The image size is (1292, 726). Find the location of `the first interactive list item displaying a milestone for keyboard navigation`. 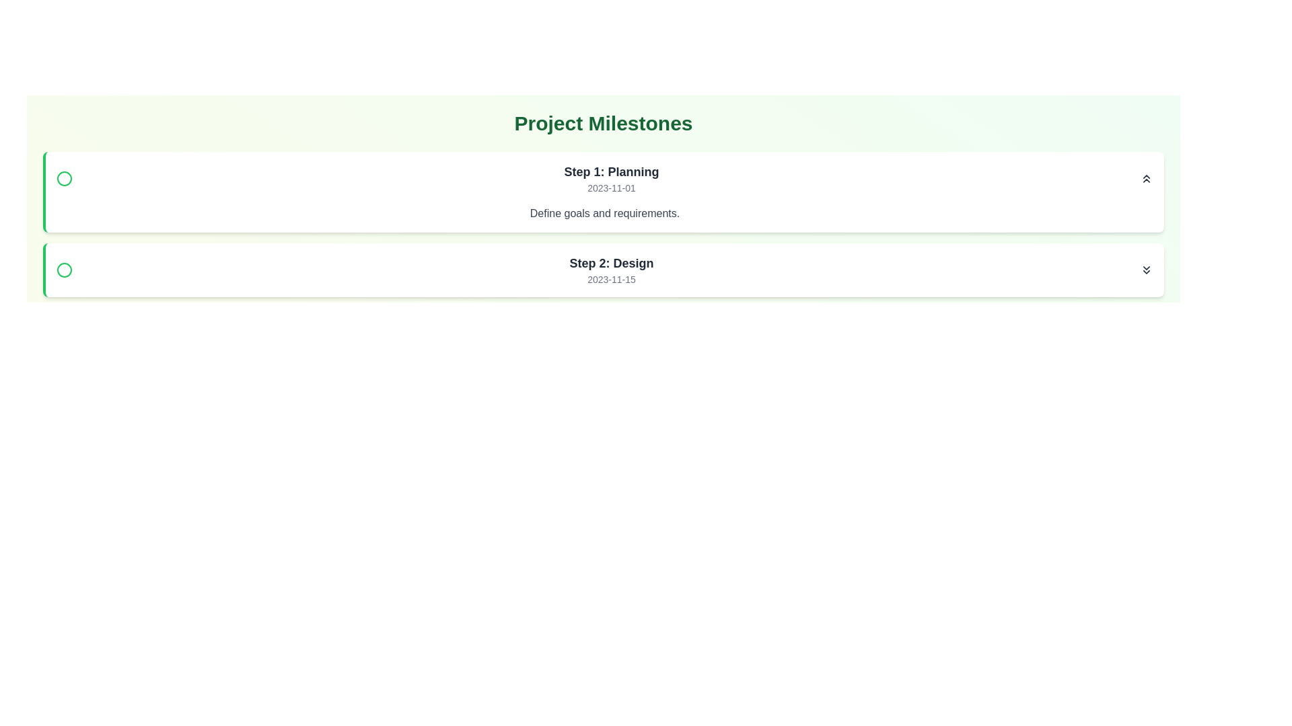

the first interactive list item displaying a milestone for keyboard navigation is located at coordinates (604, 178).